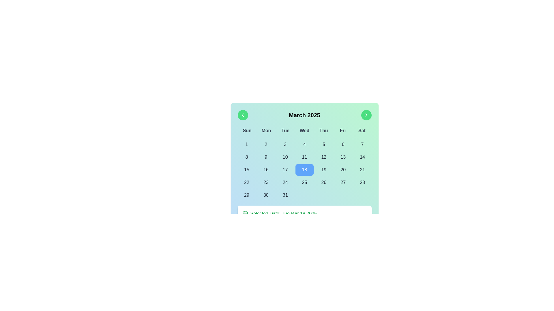  Describe the element at coordinates (285, 157) in the screenshot. I see `the date '10' in the calendar for March 2025 by clicking on the interactive date element located in the second row and third column of the main date display area` at that location.